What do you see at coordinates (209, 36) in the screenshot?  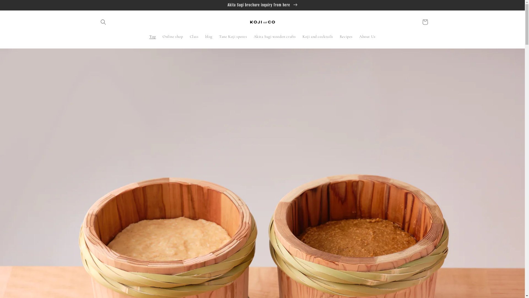 I see `'blog'` at bounding box center [209, 36].